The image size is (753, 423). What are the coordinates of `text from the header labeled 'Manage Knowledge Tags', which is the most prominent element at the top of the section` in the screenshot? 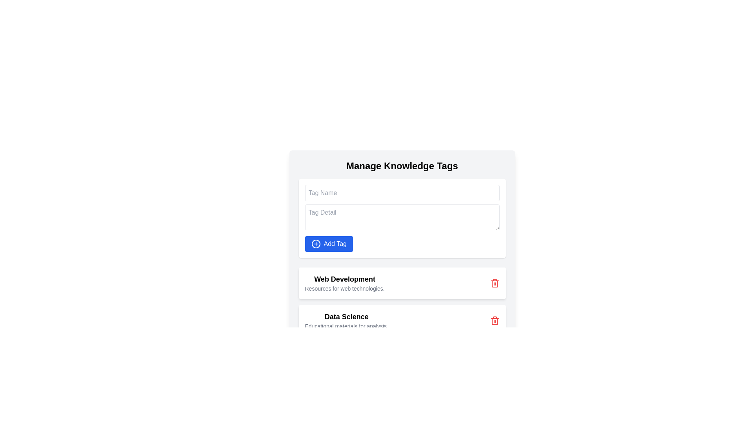 It's located at (402, 166).